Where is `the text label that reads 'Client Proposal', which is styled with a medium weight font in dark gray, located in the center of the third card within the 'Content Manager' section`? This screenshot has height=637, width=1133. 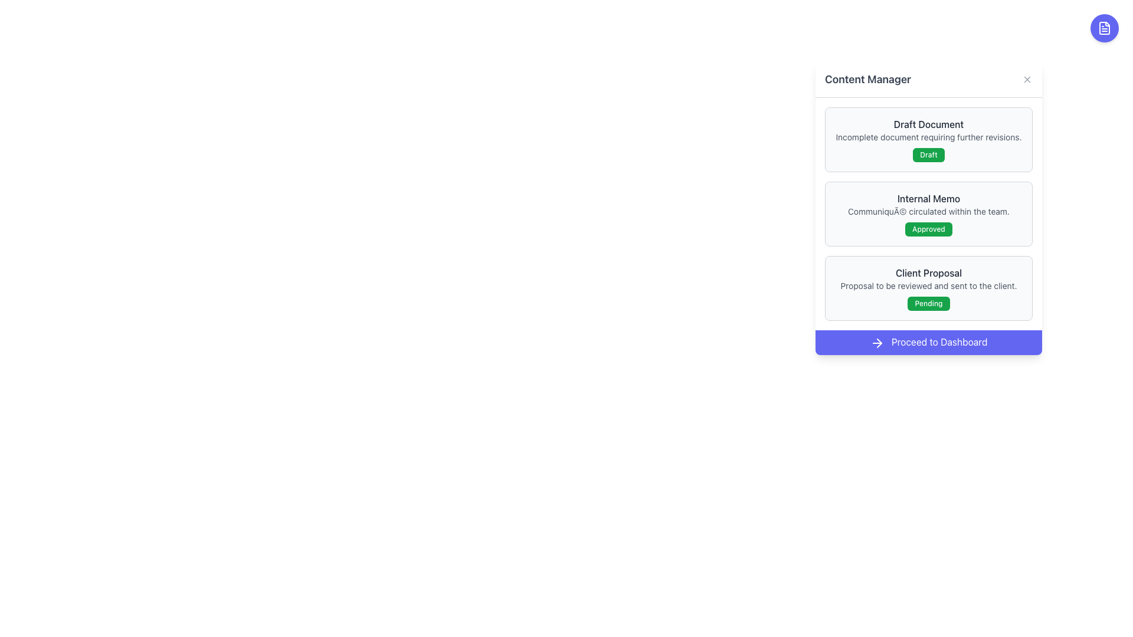 the text label that reads 'Client Proposal', which is styled with a medium weight font in dark gray, located in the center of the third card within the 'Content Manager' section is located at coordinates (928, 272).